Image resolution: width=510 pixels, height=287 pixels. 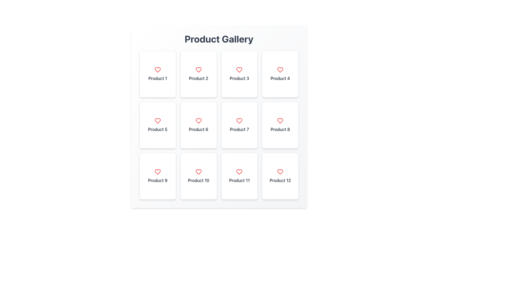 What do you see at coordinates (239, 176) in the screenshot?
I see `the product card located in the third row and third column of the grid` at bounding box center [239, 176].